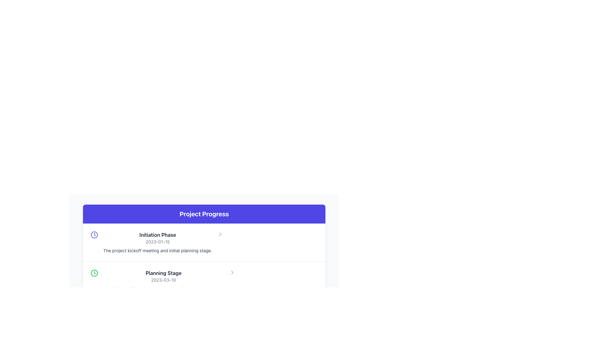  What do you see at coordinates (220, 234) in the screenshot?
I see `the right-pointing chevron icon located at the far right of the 'Initiation Phase' section, aligned horizontally with the section title and date` at bounding box center [220, 234].